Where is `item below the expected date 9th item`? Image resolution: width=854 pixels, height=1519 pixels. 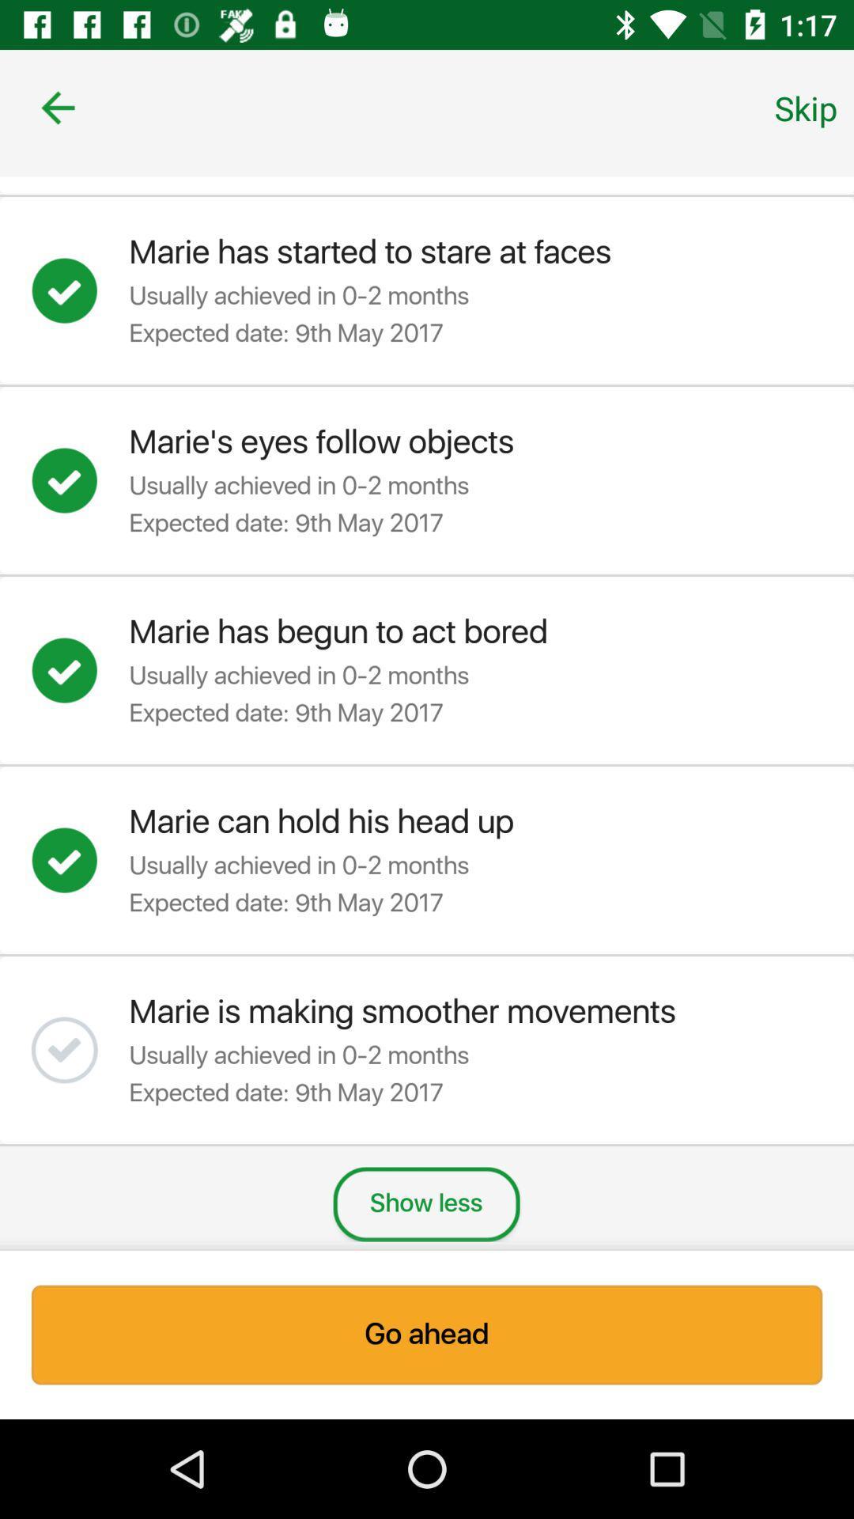 item below the expected date 9th item is located at coordinates (425, 1203).